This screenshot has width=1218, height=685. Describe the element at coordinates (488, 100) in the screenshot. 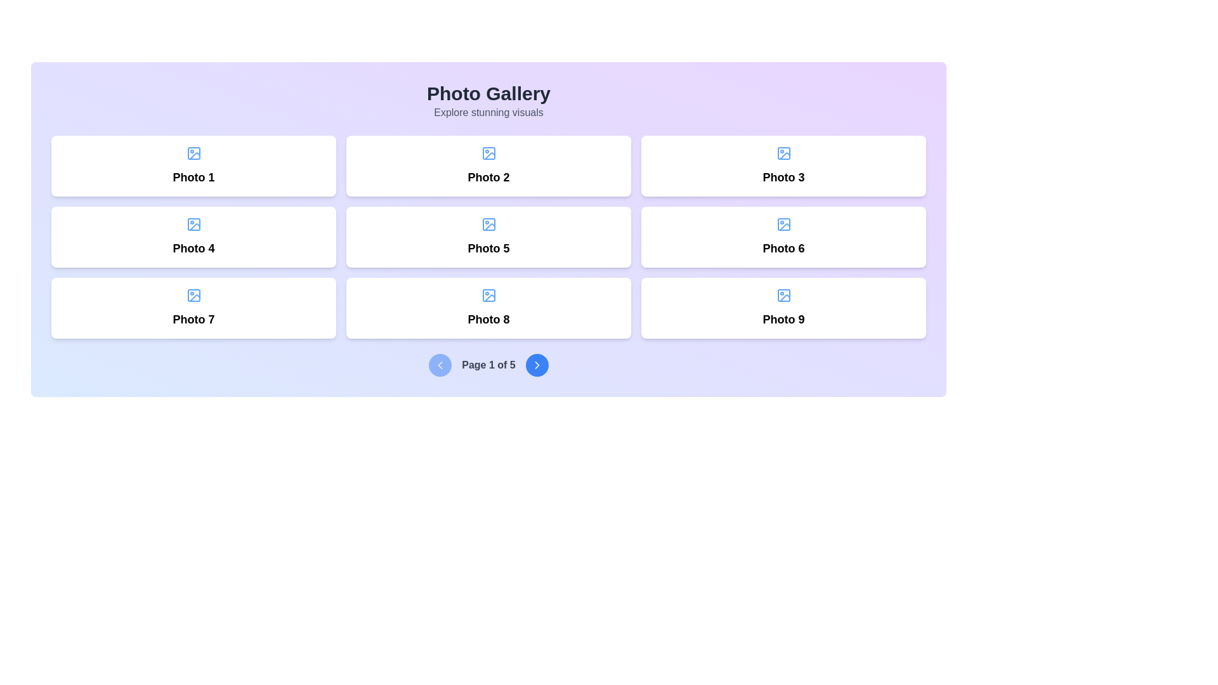

I see `the 'Photo Gallery' text element which serves as a header for the content, prominently displaying 'Photo Gallery' in bold and 'Explore stunning visuals' below it` at that location.